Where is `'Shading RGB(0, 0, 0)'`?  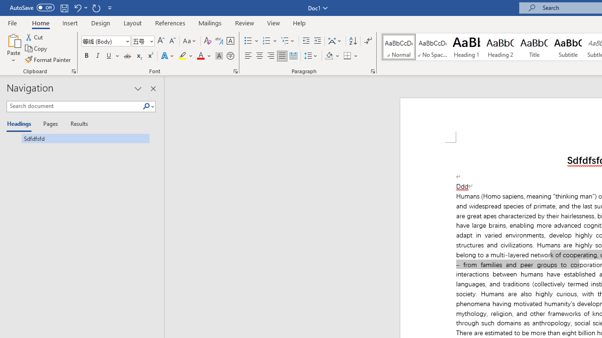 'Shading RGB(0, 0, 0)' is located at coordinates (329, 56).